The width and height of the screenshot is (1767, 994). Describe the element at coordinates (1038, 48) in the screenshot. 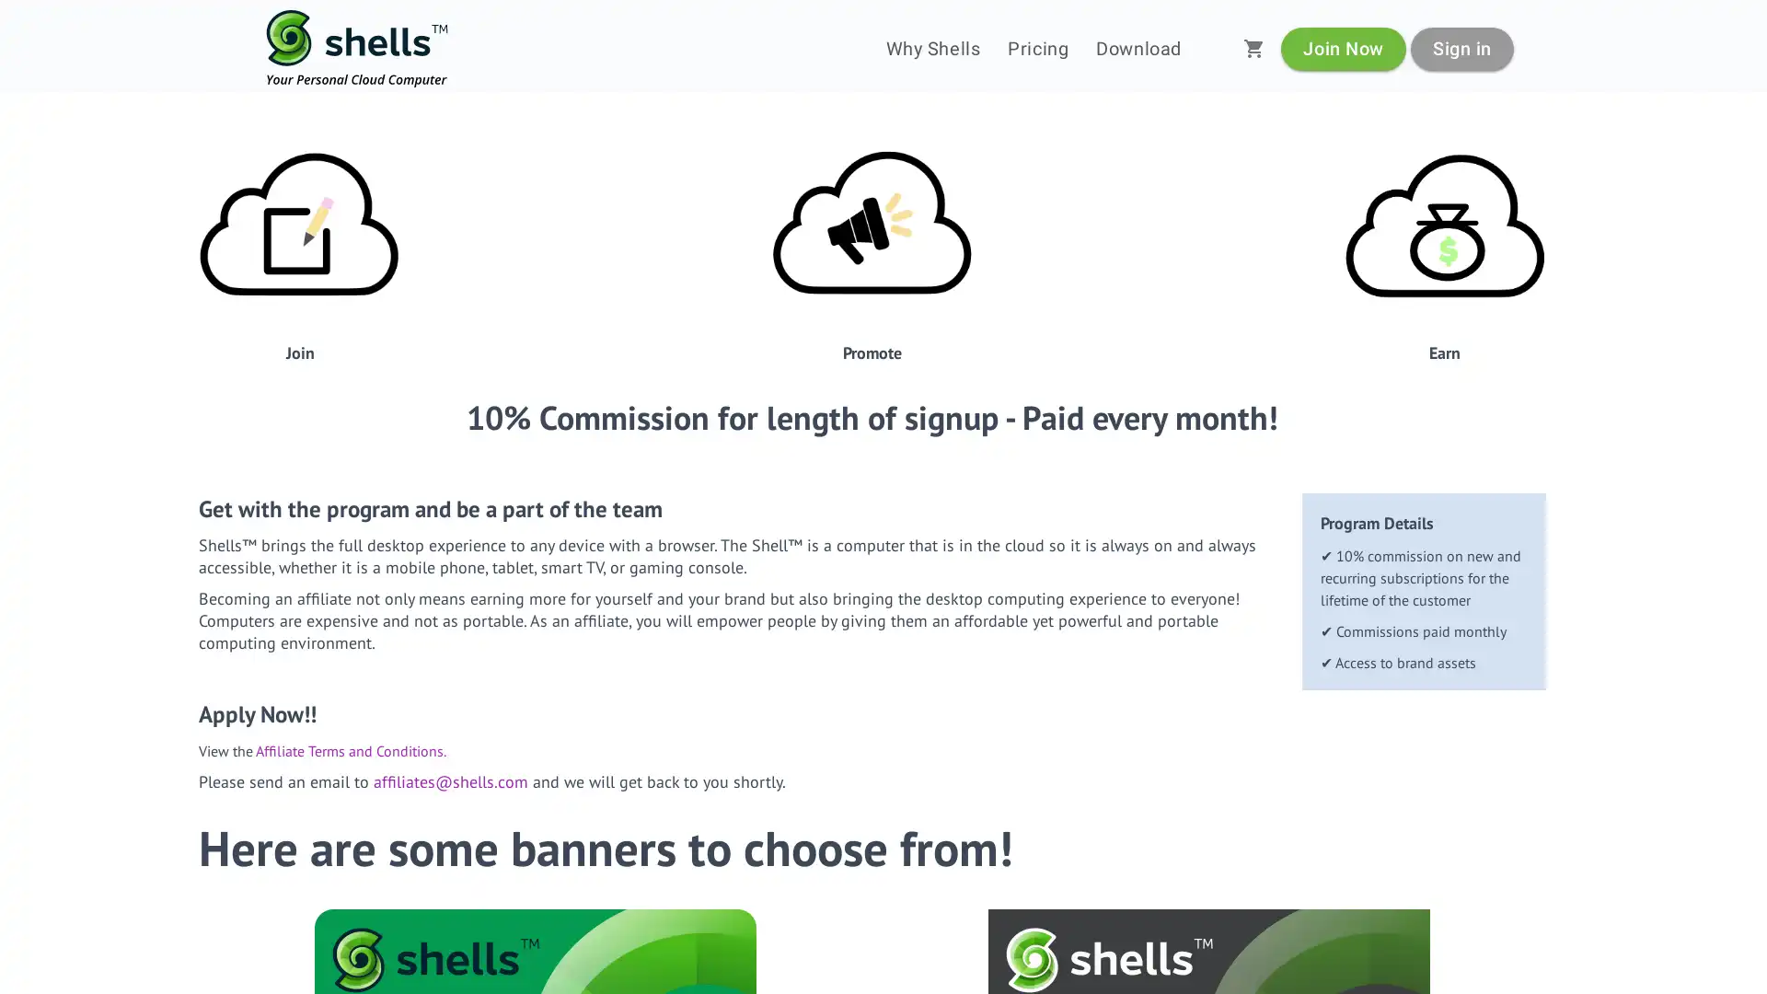

I see `Pricing` at that location.